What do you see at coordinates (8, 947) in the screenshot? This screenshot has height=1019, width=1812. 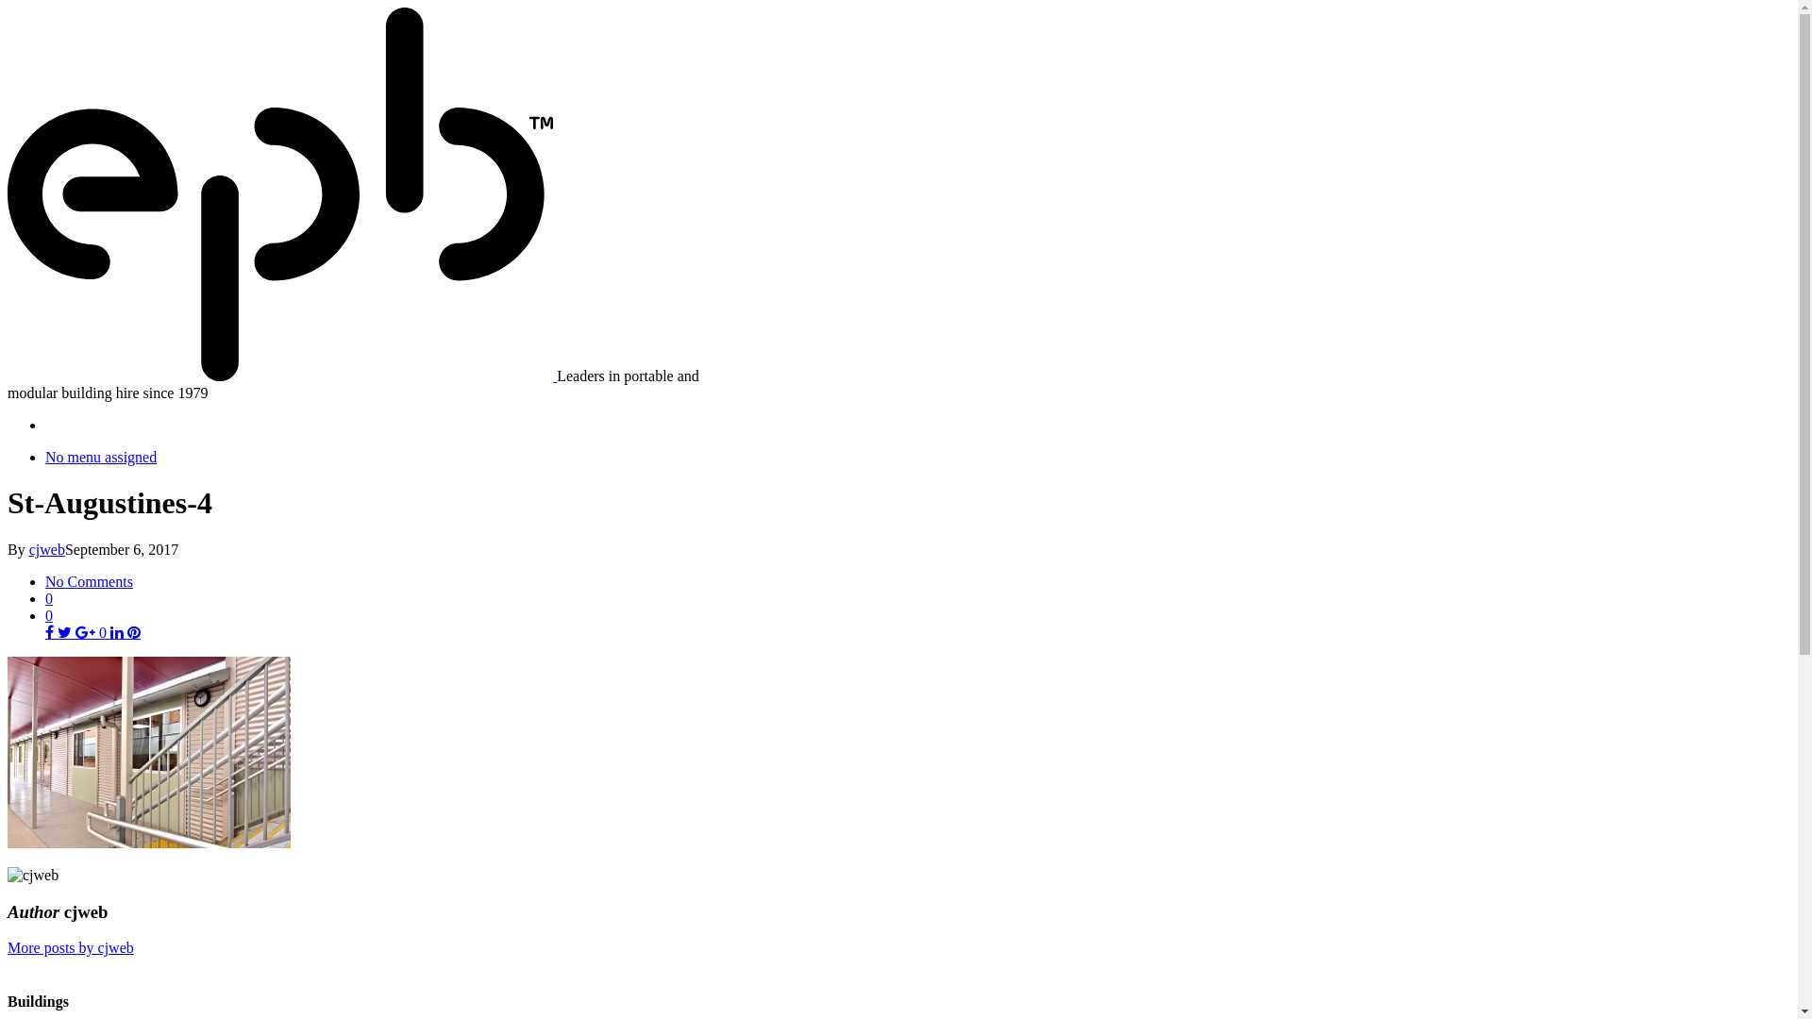 I see `'More posts by cjweb'` at bounding box center [8, 947].